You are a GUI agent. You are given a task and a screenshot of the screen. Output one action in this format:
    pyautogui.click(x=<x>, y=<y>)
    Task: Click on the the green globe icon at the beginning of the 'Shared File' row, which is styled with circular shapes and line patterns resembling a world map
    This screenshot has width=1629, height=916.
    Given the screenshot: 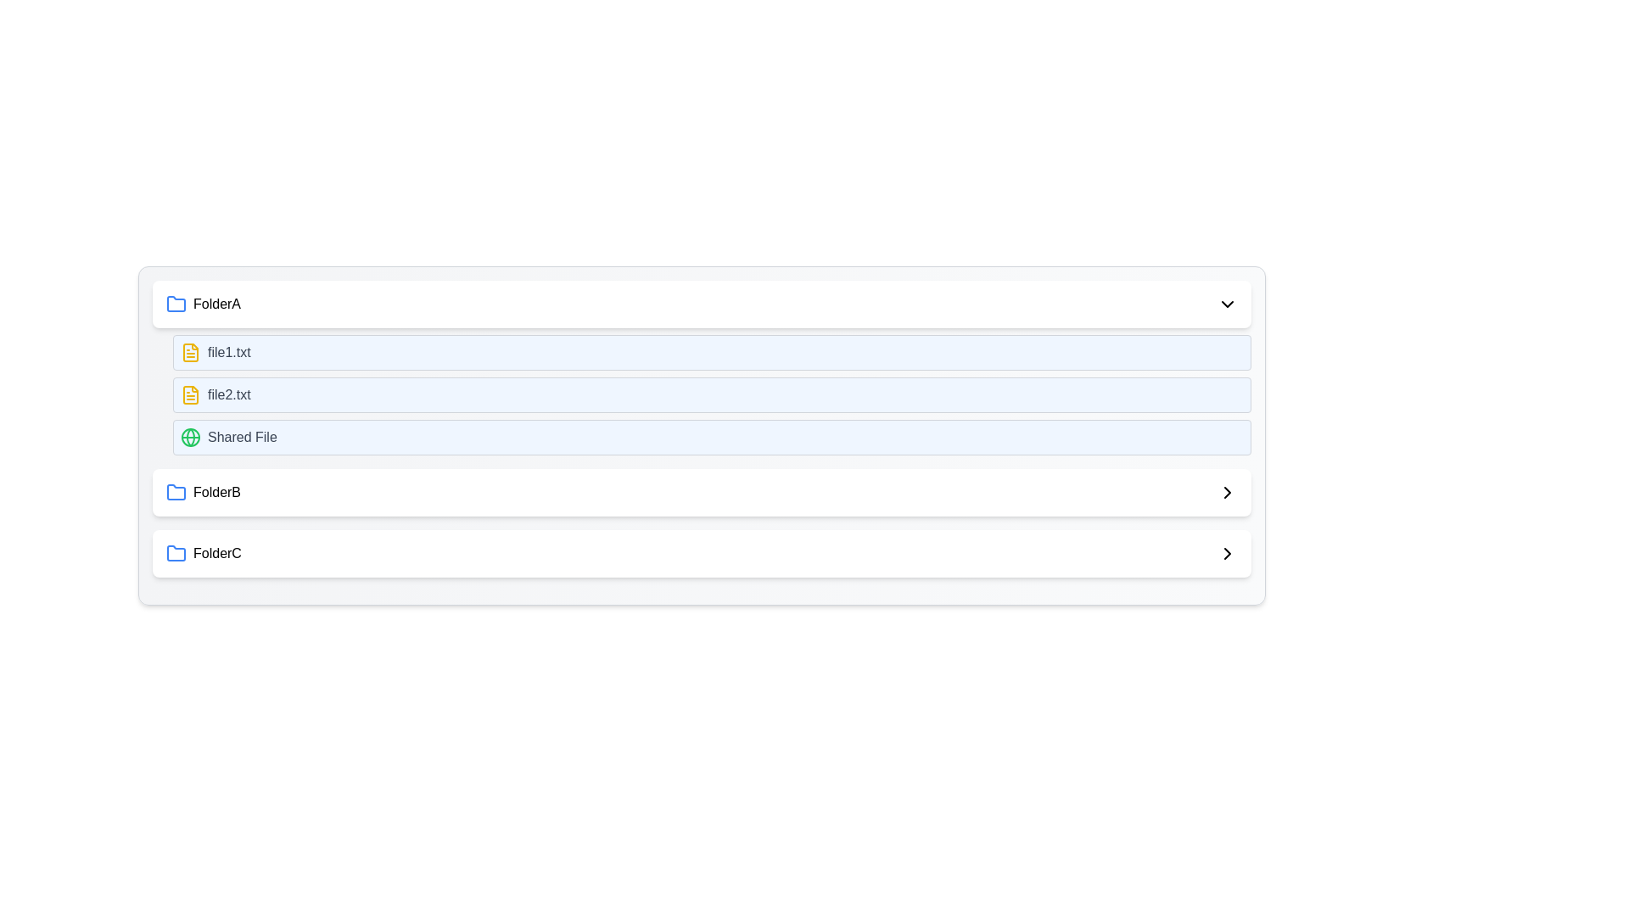 What is the action you would take?
    pyautogui.click(x=191, y=437)
    